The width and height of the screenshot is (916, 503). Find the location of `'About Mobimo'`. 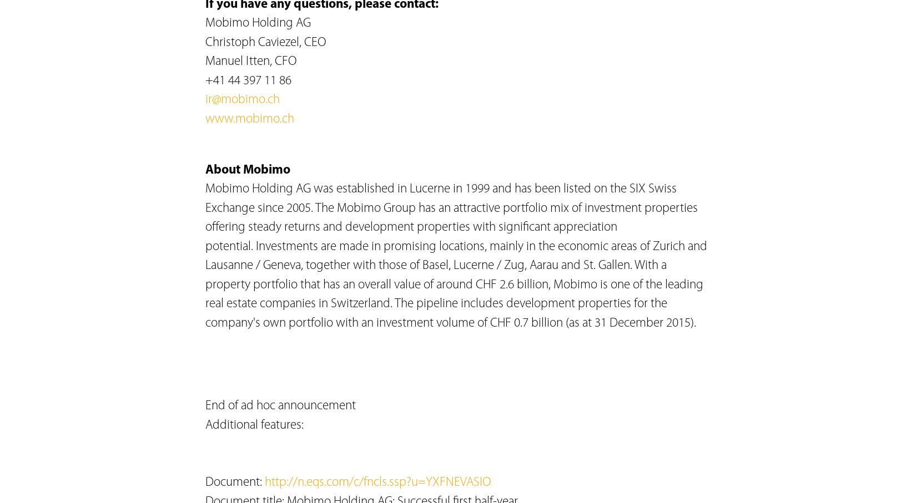

'About Mobimo' is located at coordinates (205, 170).